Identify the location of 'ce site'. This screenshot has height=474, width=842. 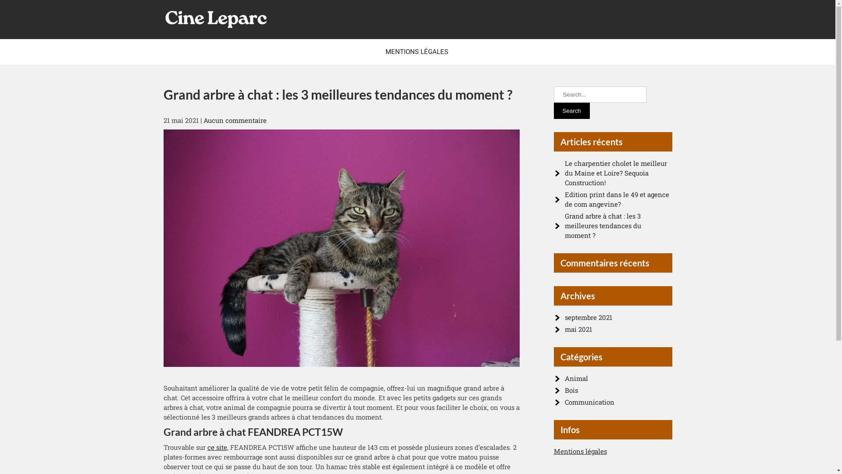
(217, 447).